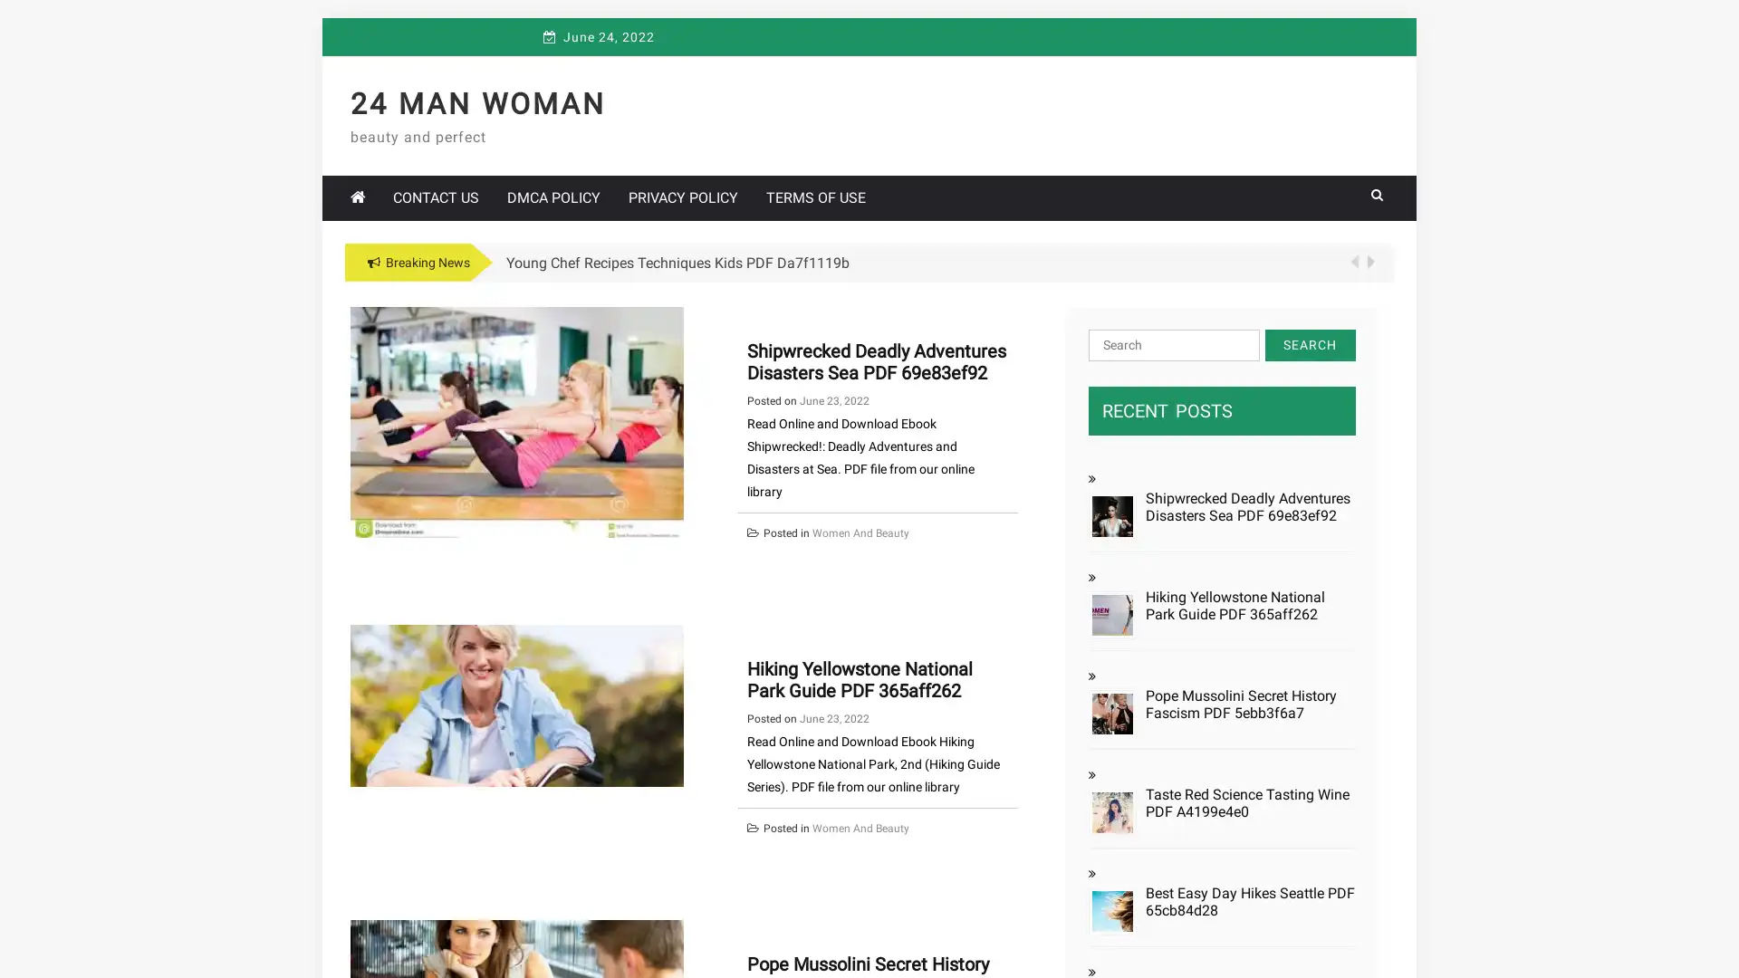  What do you see at coordinates (1309, 344) in the screenshot?
I see `Search` at bounding box center [1309, 344].